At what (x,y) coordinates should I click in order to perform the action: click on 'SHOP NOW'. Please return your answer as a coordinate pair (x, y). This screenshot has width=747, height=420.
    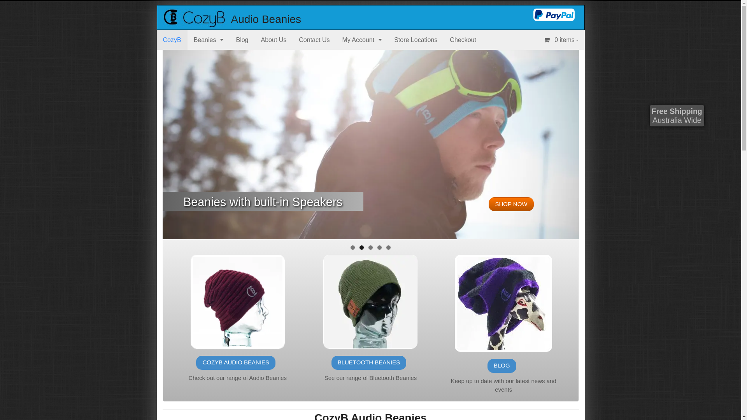
    Looking at the image, I should click on (511, 203).